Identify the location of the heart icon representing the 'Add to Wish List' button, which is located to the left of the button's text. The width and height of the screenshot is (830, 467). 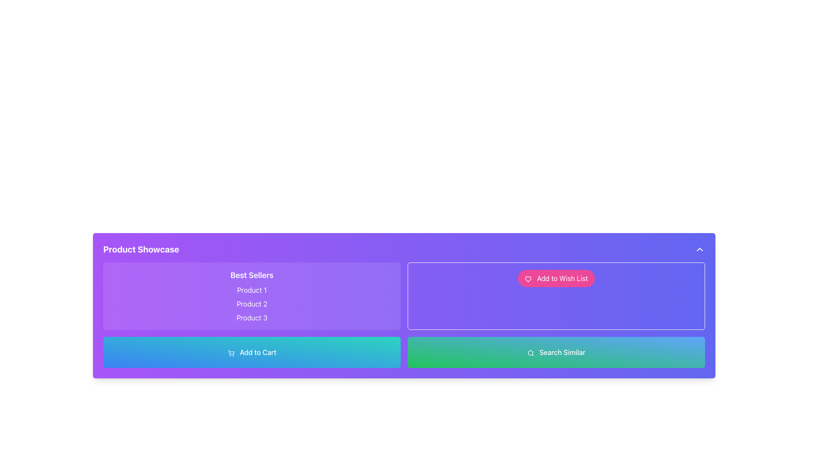
(527, 279).